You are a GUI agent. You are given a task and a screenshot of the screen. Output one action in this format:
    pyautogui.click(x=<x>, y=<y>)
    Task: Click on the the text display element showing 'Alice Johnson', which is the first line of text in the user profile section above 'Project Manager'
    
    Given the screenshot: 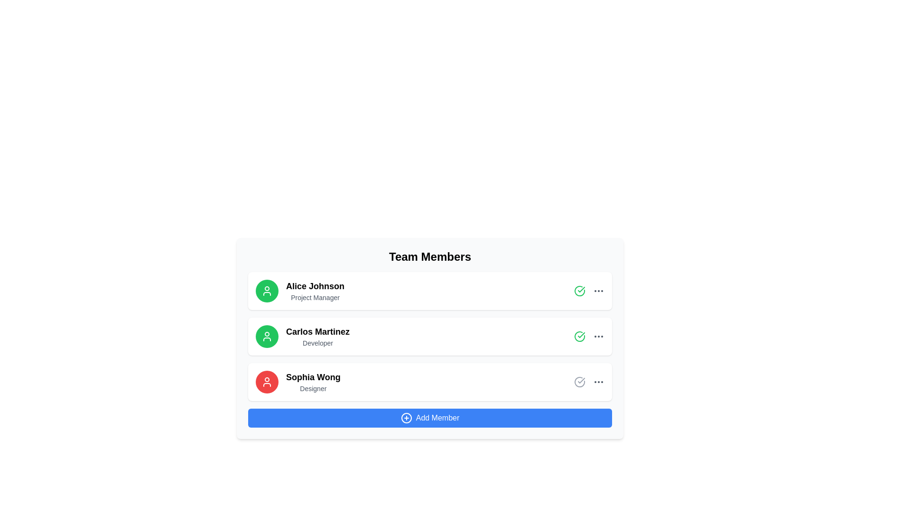 What is the action you would take?
    pyautogui.click(x=315, y=286)
    